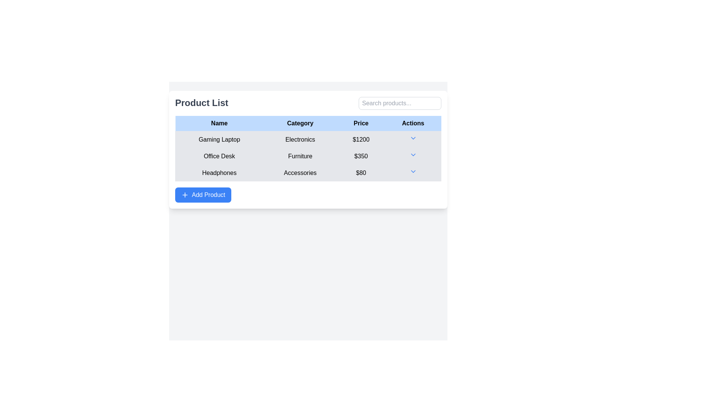 The image size is (728, 409). I want to click on the text label displaying 'Category', which is the second column header in the table between 'Name' and 'Price', so click(300, 123).